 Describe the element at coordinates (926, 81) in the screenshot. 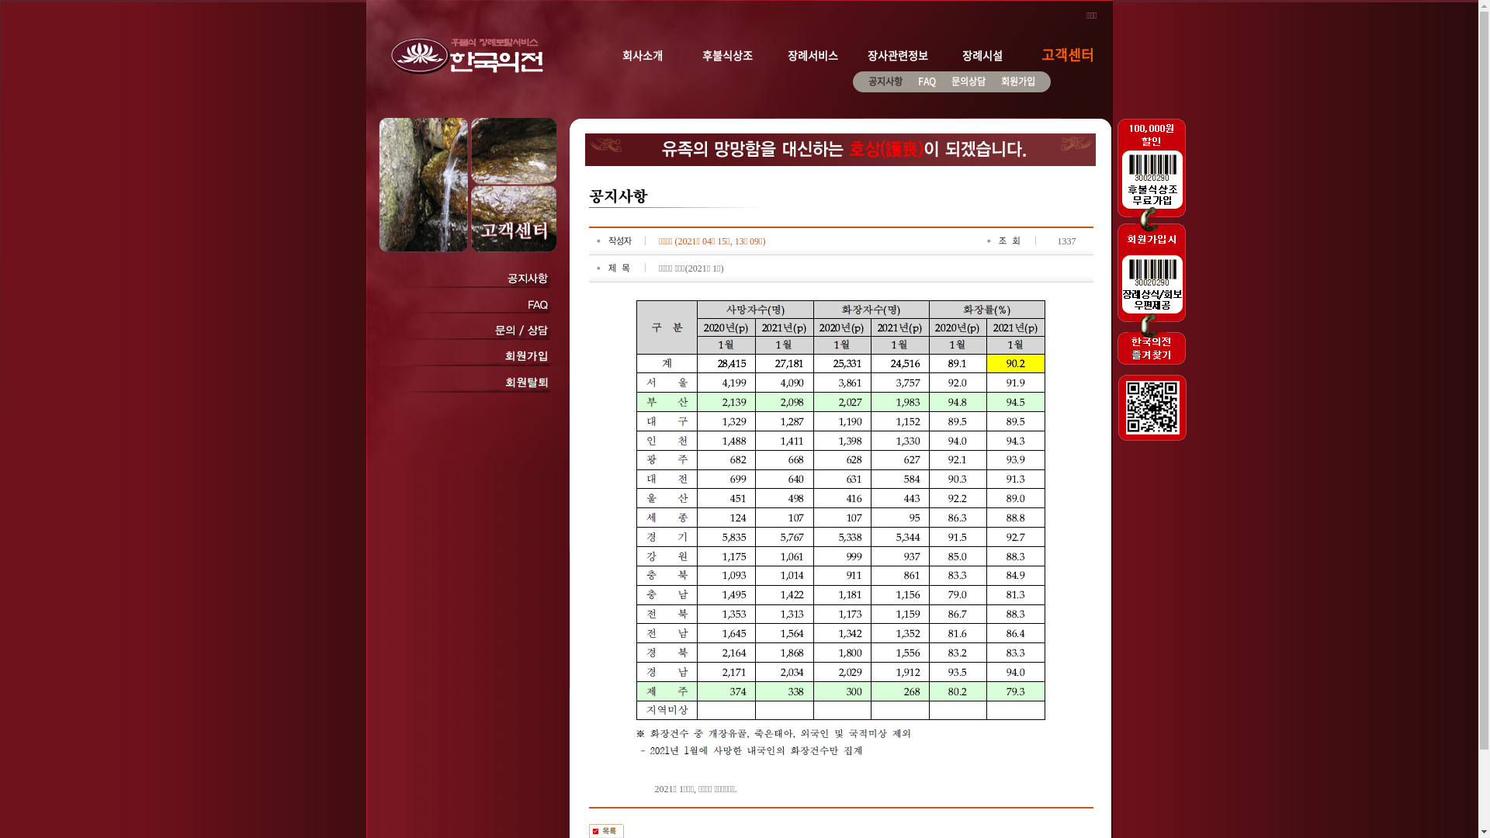

I see `'FAQ'` at that location.